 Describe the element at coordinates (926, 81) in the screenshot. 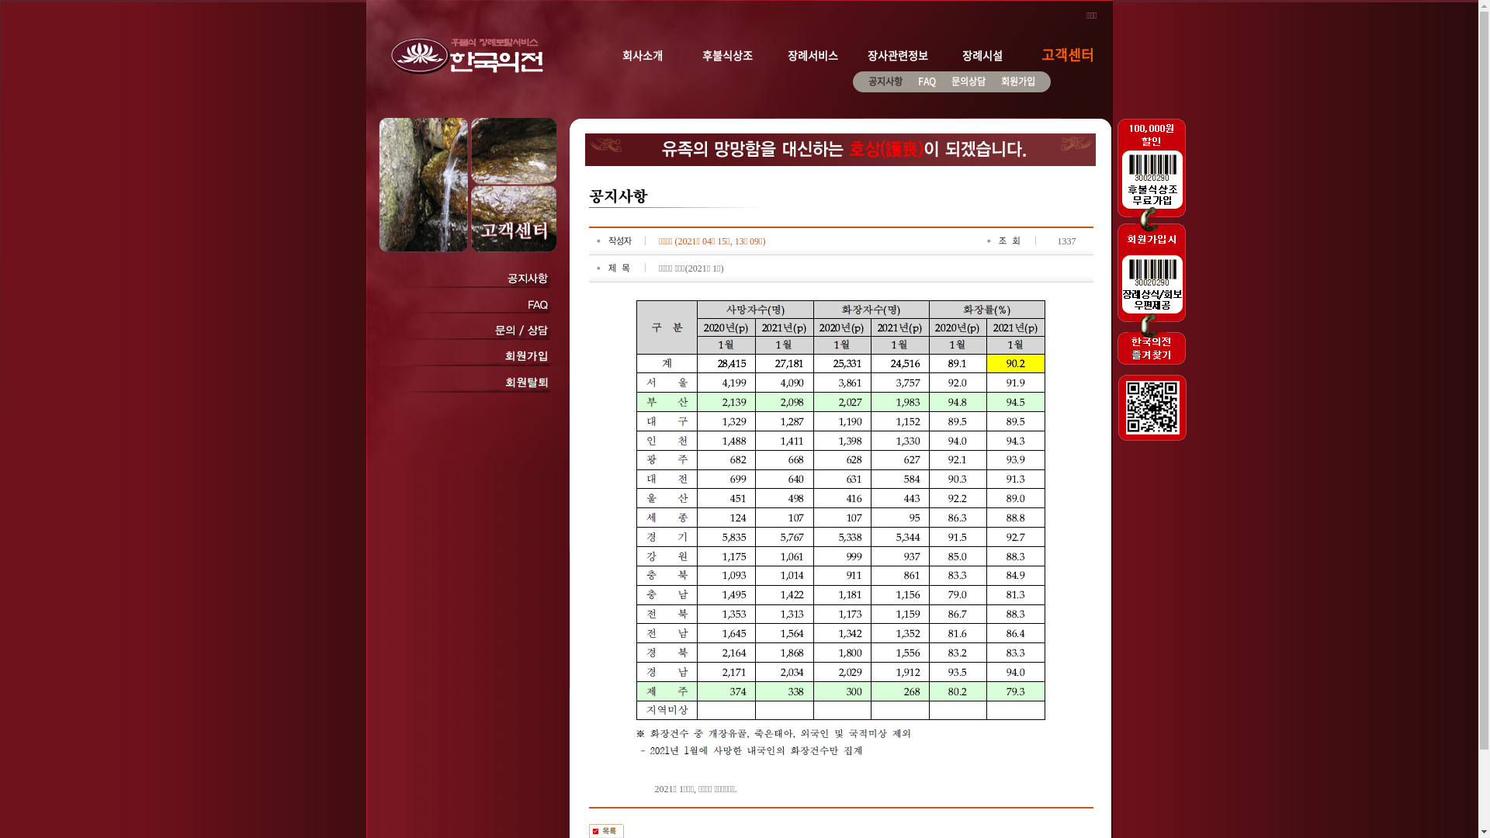

I see `'FAQ'` at that location.